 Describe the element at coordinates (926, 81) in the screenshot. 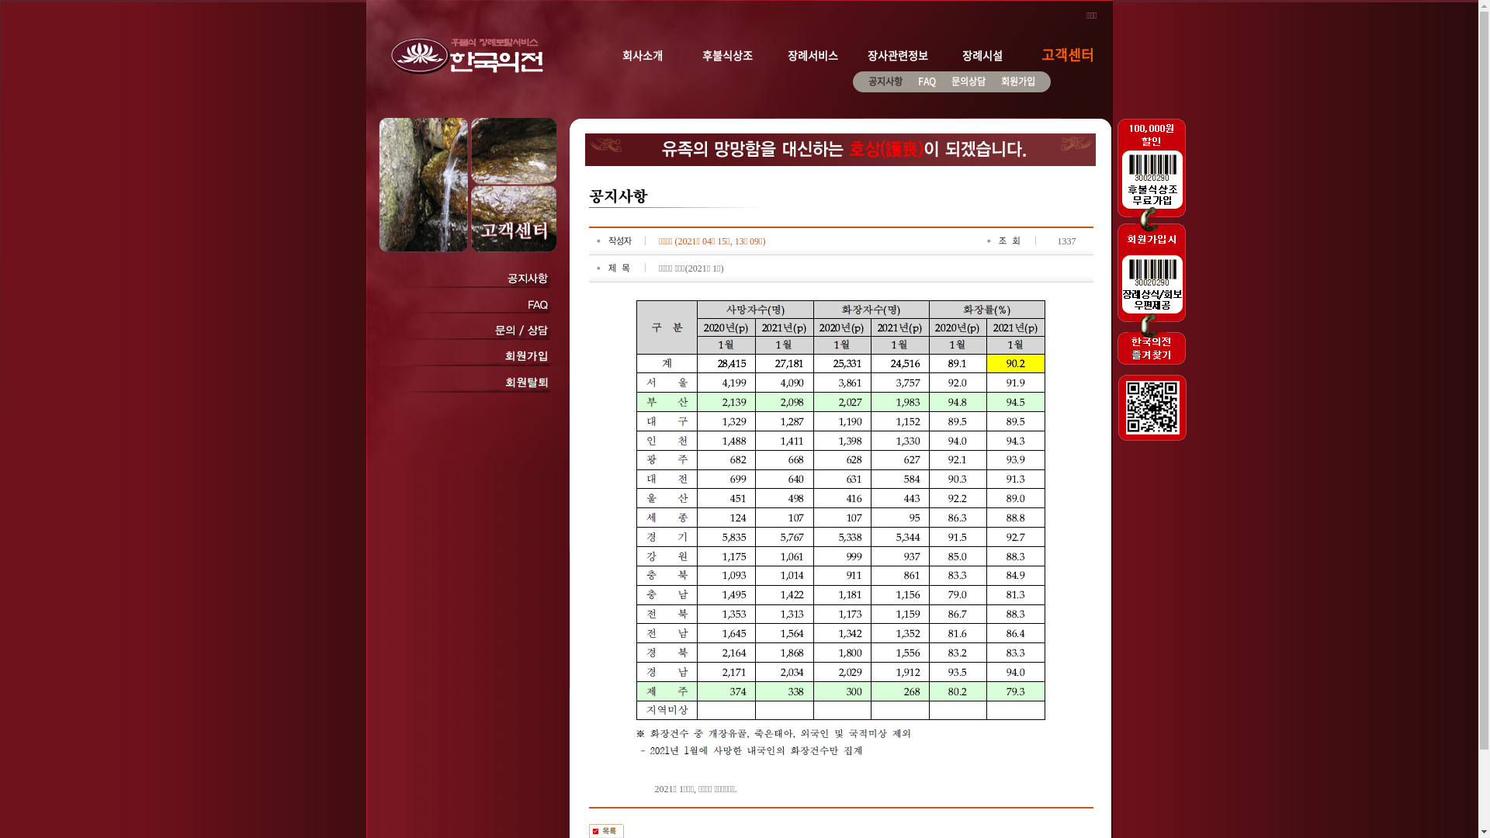

I see `'FAQ'` at that location.